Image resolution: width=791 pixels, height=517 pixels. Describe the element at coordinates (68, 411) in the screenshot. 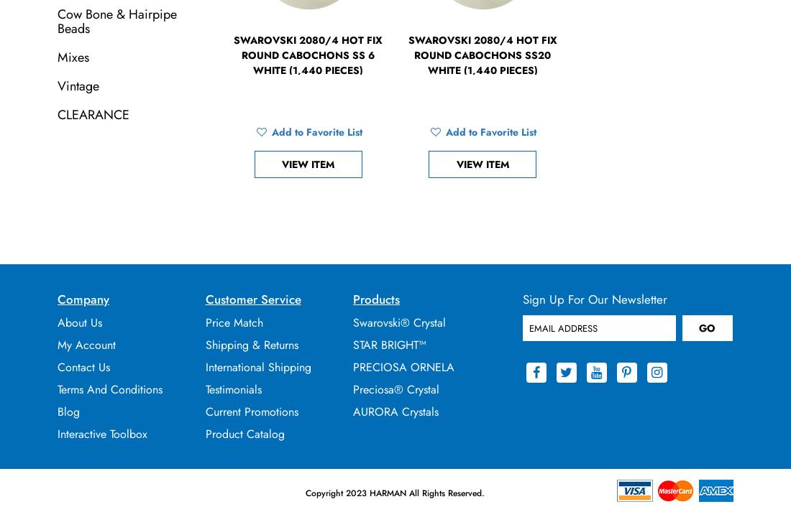

I see `'Blog'` at that location.